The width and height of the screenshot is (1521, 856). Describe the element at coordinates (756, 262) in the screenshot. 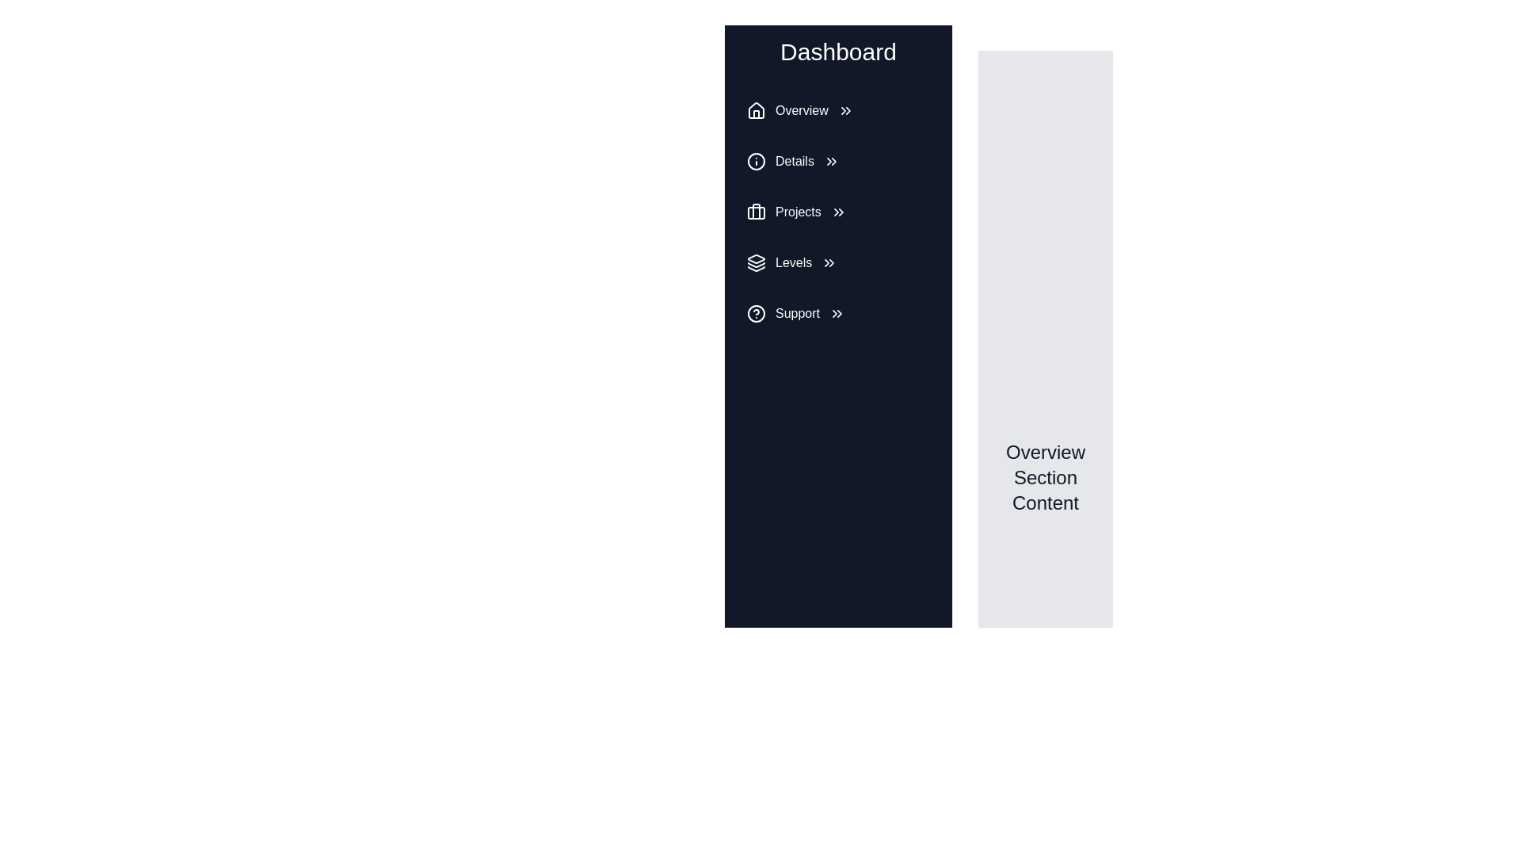

I see `the 'Levels' icon in the navigation menu` at that location.